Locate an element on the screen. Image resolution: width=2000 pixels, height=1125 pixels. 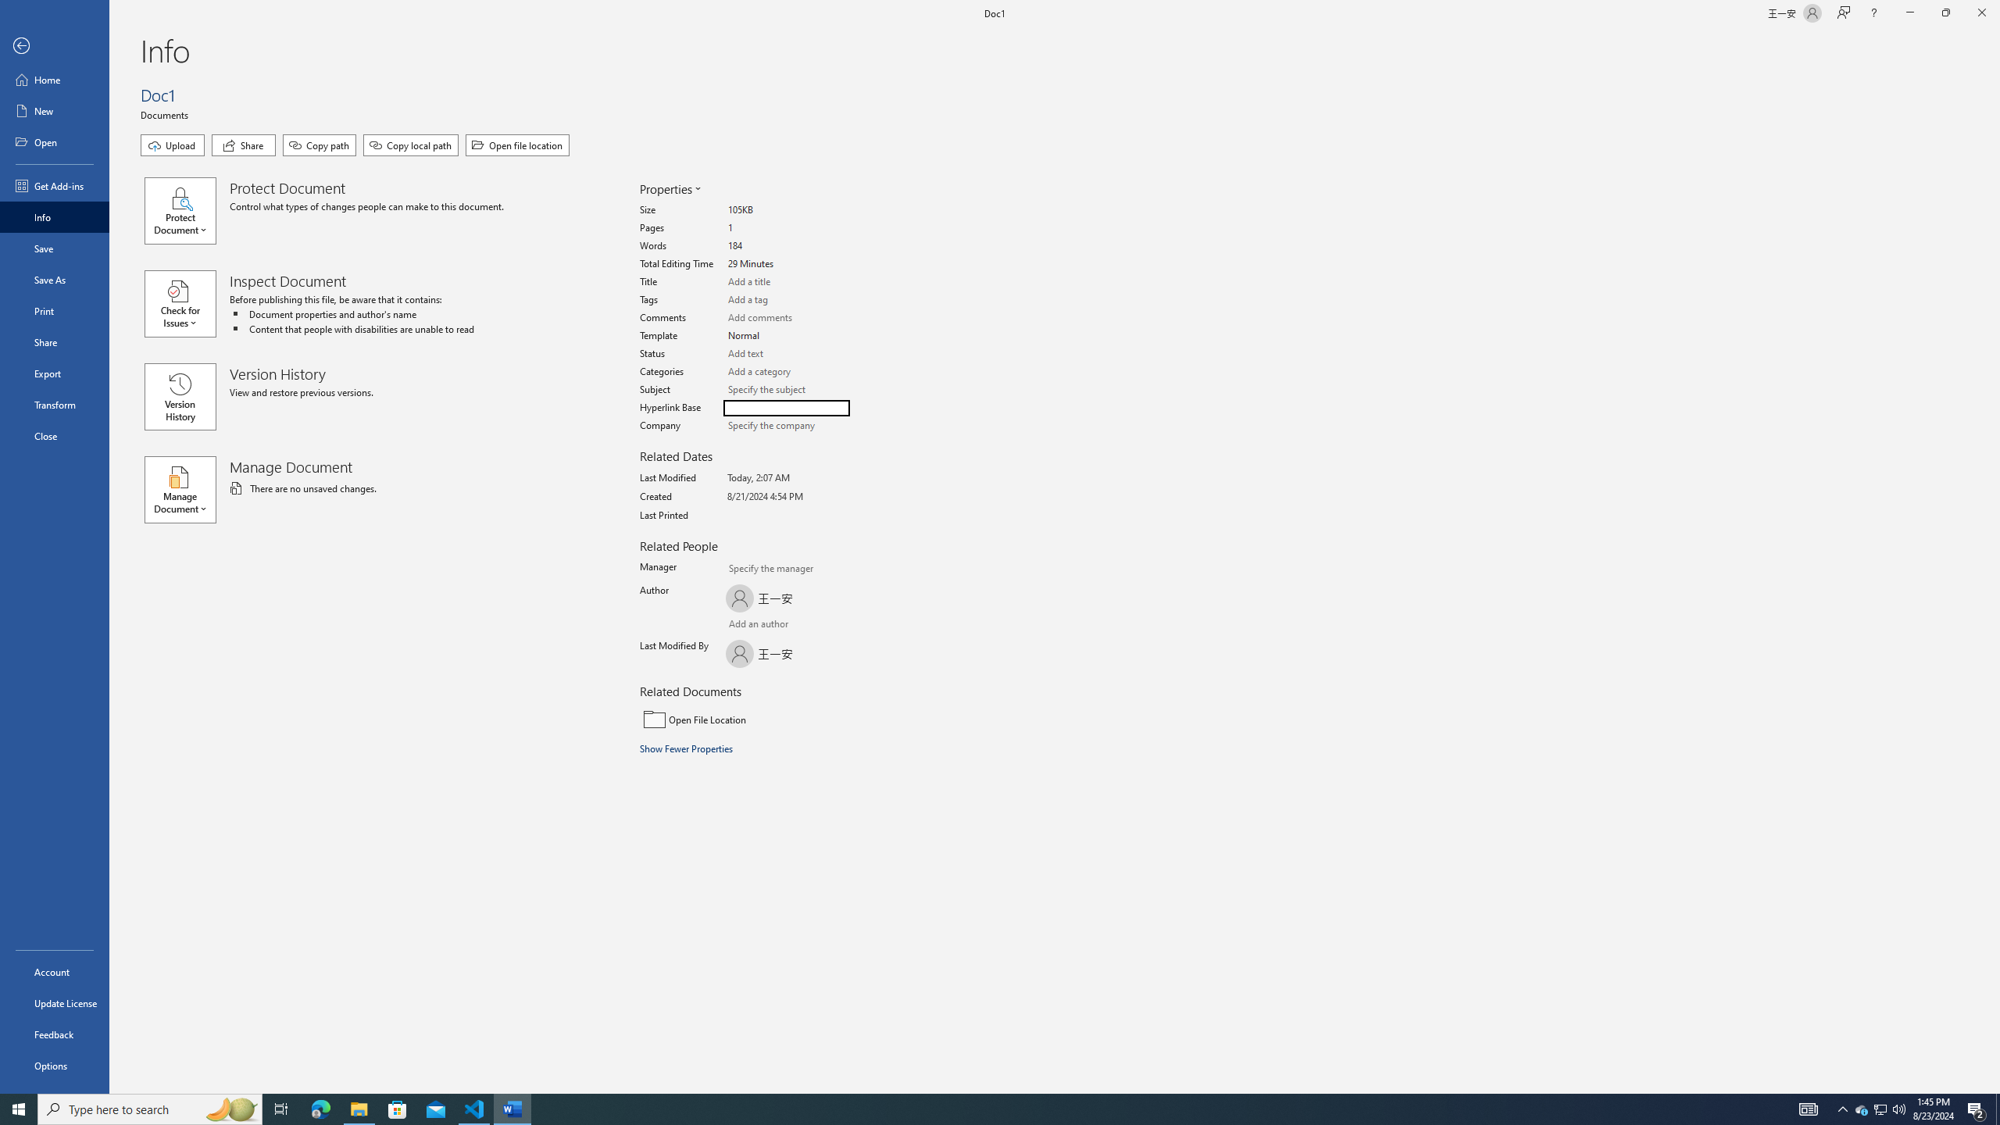
'Browse Address Book' is located at coordinates (818, 625).